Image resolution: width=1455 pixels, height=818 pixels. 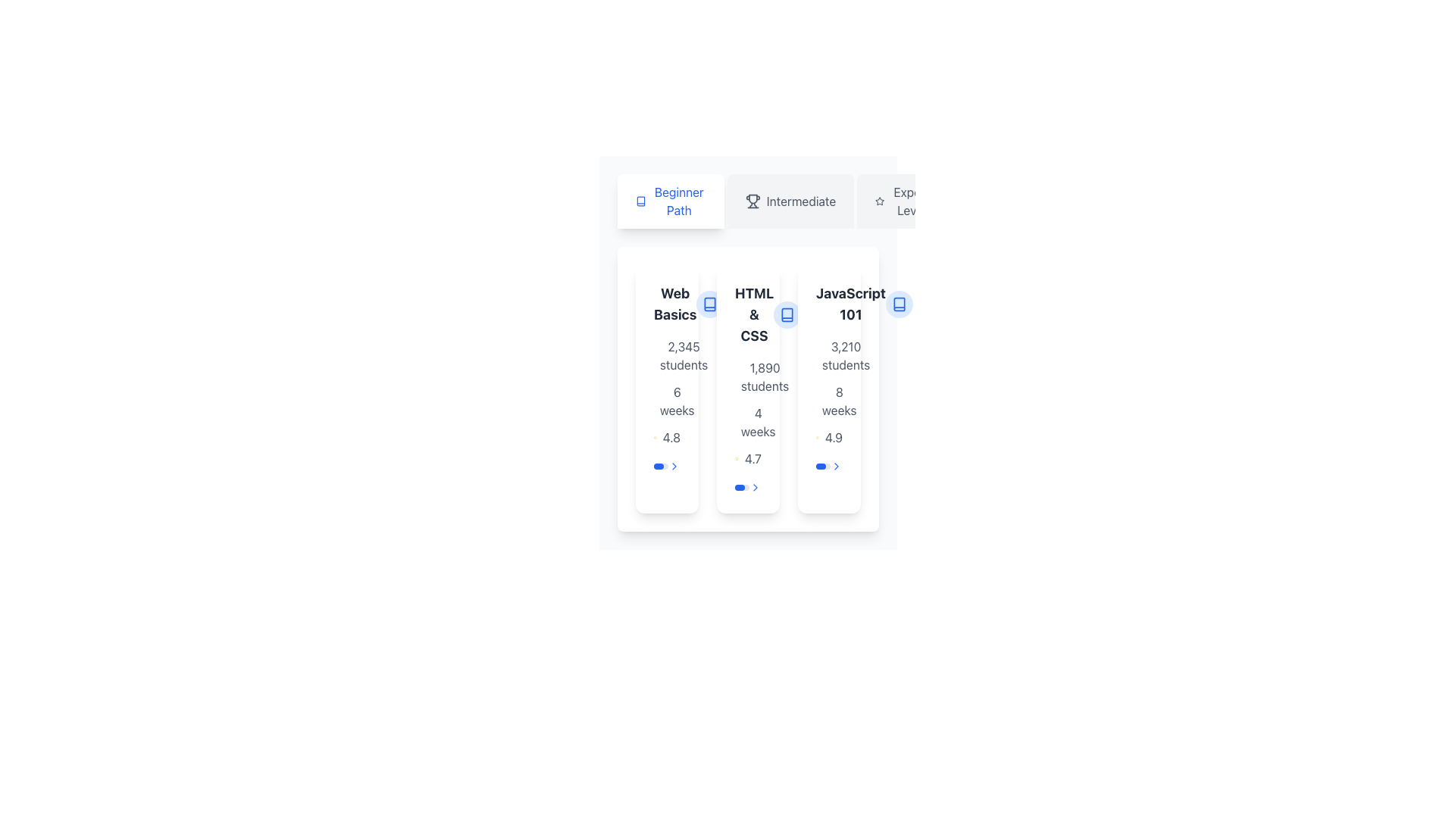 What do you see at coordinates (748, 388) in the screenshot?
I see `keyboard navigation` at bounding box center [748, 388].